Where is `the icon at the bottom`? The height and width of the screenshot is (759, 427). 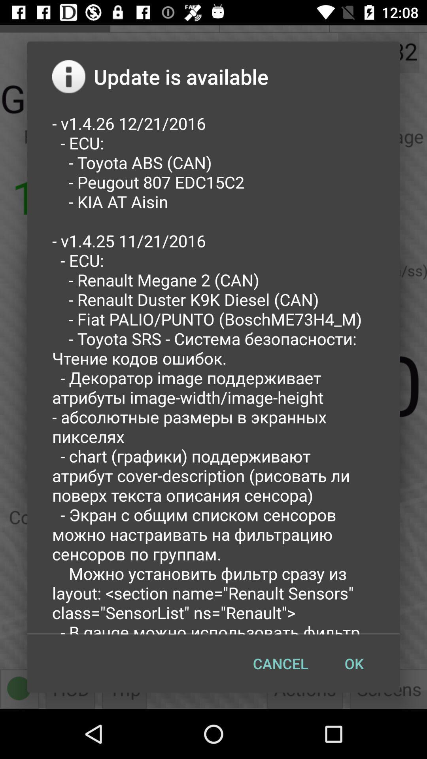
the icon at the bottom is located at coordinates (280, 663).